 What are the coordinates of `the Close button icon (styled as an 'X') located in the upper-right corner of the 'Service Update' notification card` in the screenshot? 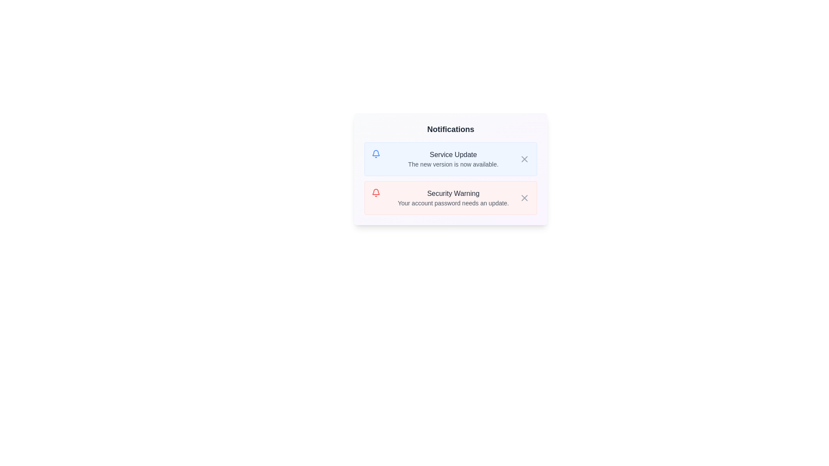 It's located at (524, 159).